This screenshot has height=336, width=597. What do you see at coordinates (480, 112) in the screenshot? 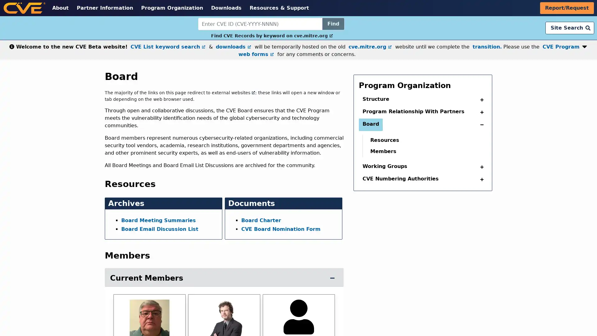
I see `collapse` at bounding box center [480, 112].